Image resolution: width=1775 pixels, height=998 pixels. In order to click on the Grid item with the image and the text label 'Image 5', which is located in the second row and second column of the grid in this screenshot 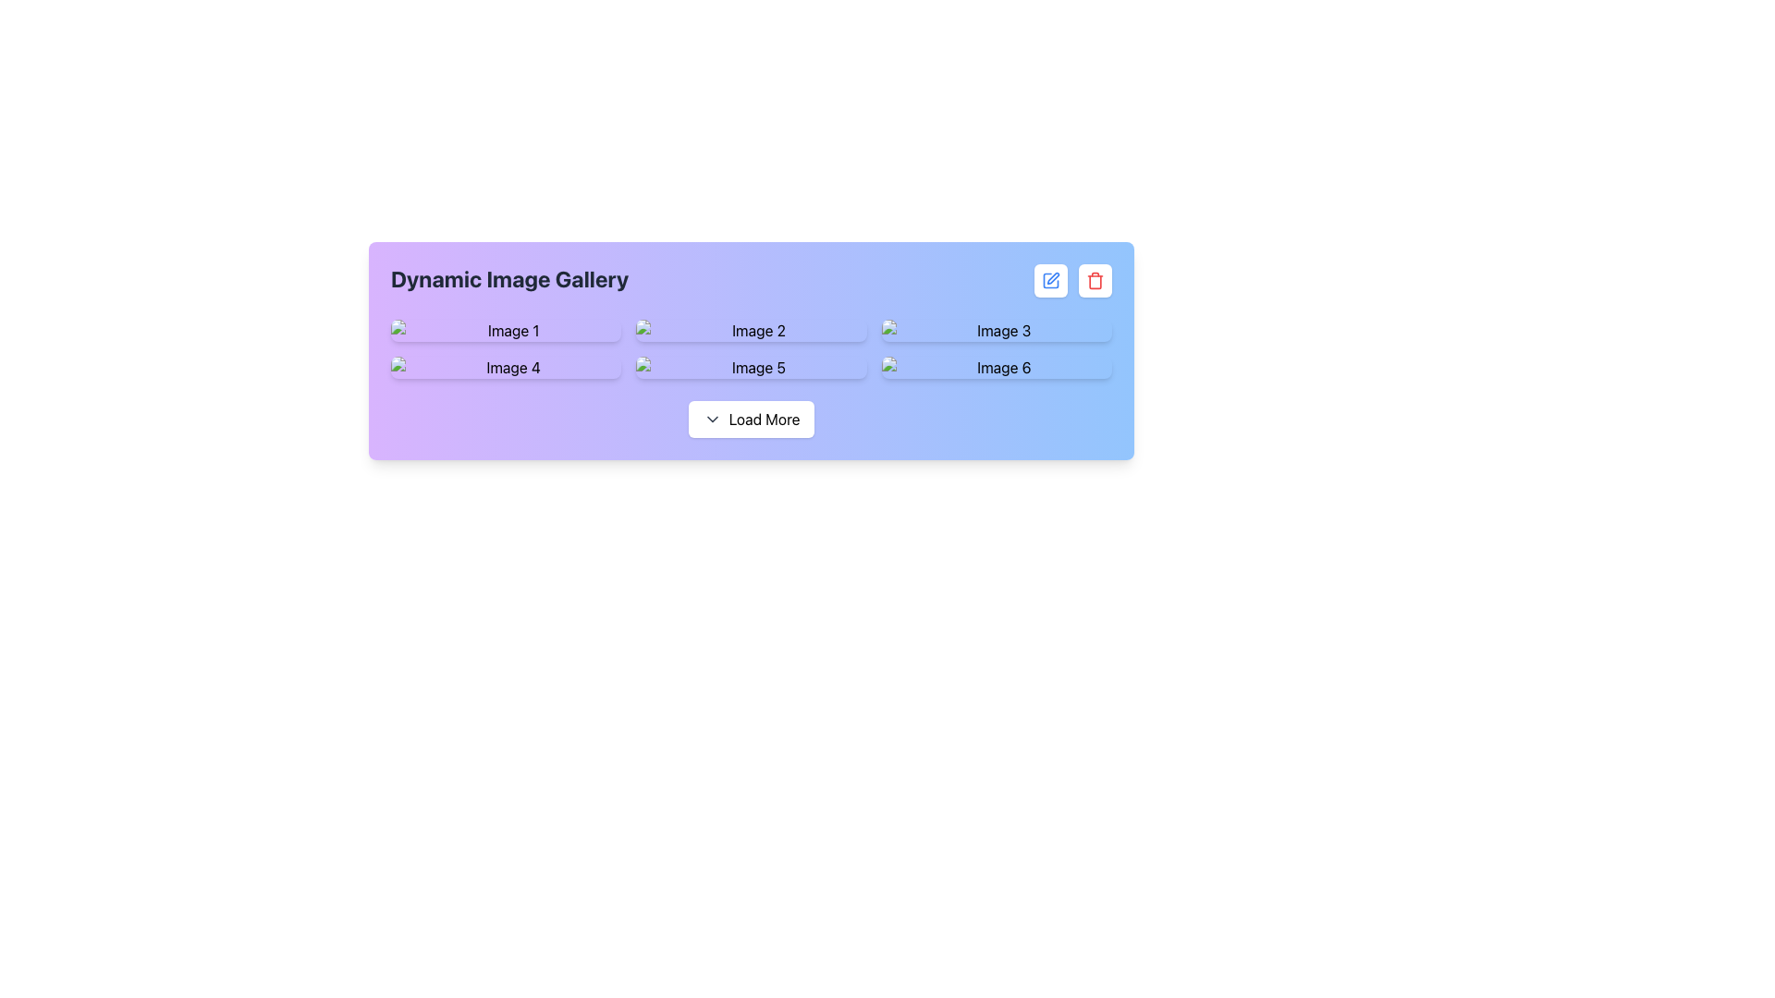, I will do `click(751, 367)`.